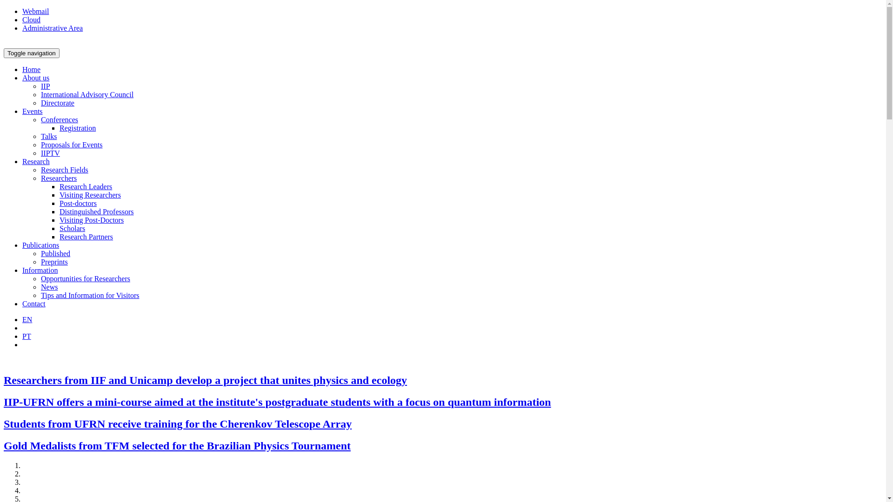  Describe the element at coordinates (90, 194) in the screenshot. I see `'Visiting Researchers'` at that location.